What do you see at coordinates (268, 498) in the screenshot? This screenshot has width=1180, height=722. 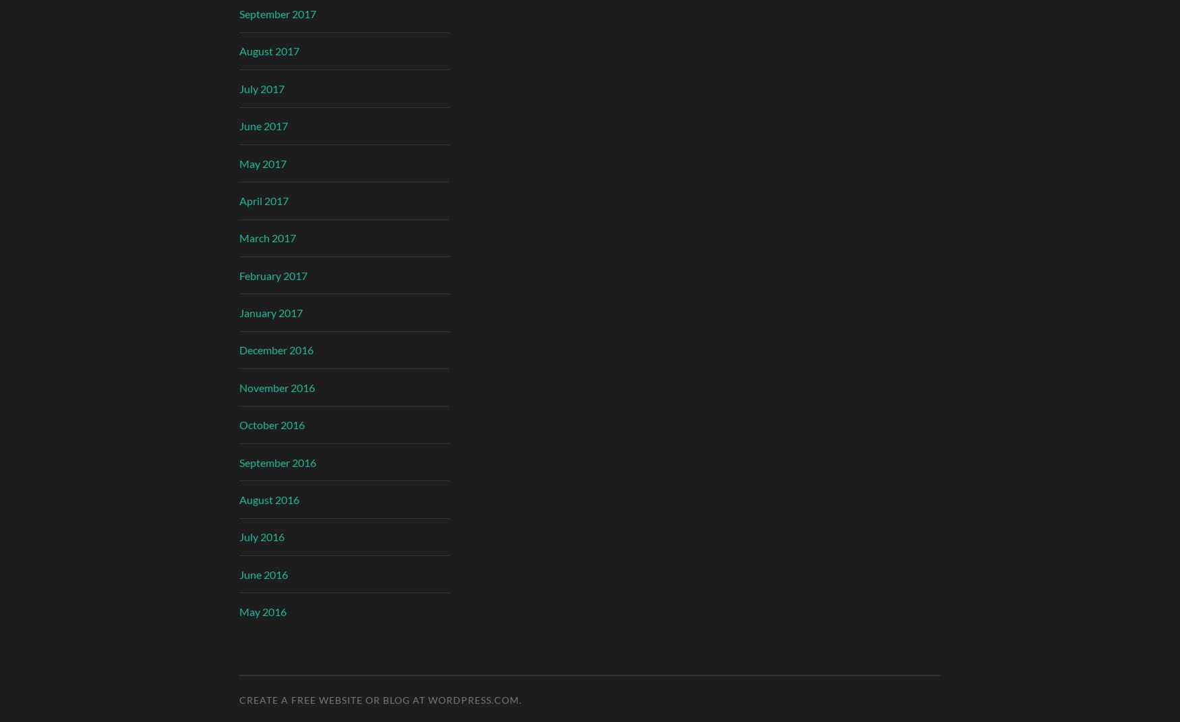 I see `'August 2016'` at bounding box center [268, 498].